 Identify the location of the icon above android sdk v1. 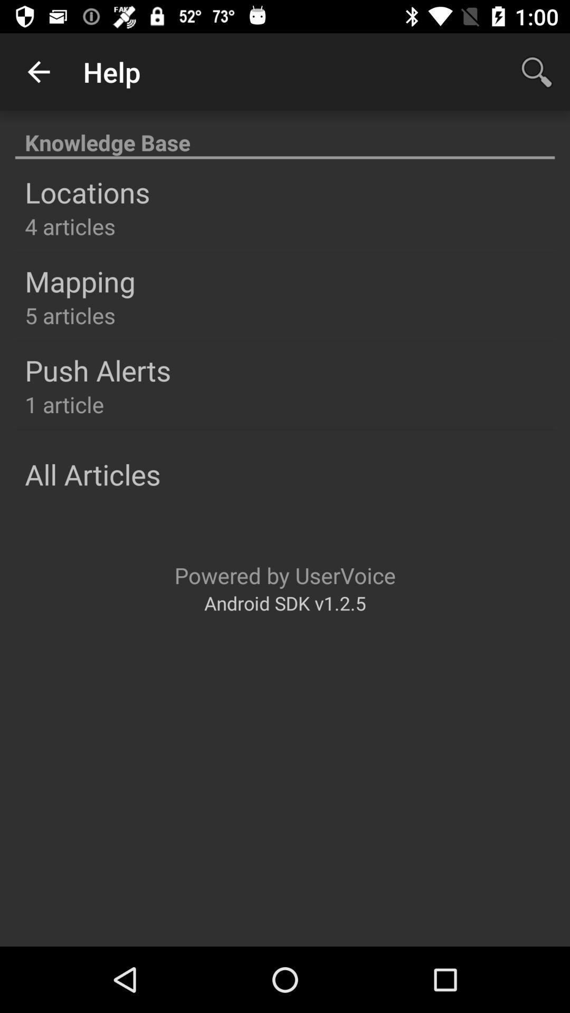
(285, 575).